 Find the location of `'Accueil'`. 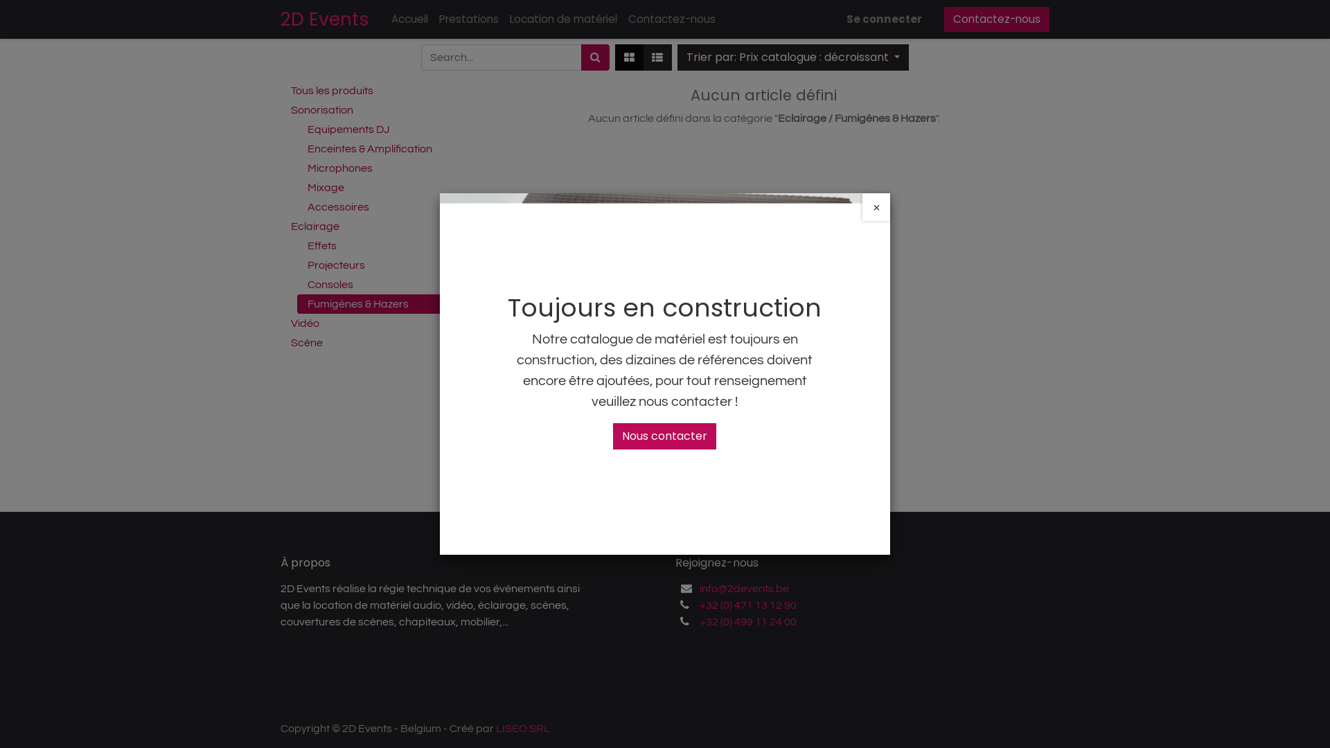

'Accueil' is located at coordinates (409, 19).